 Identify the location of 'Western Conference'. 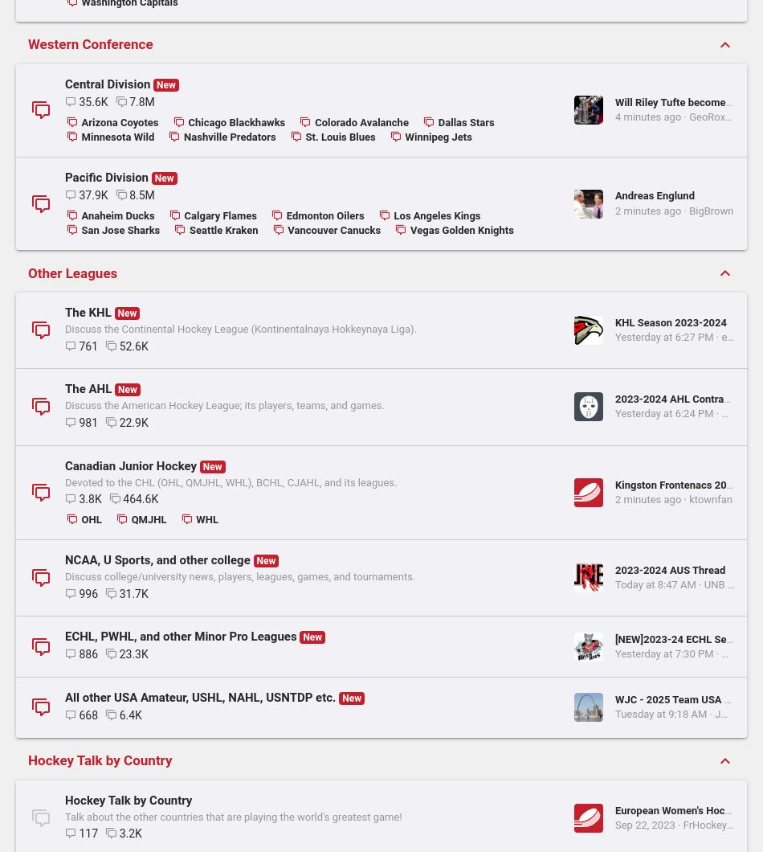
(27, 535).